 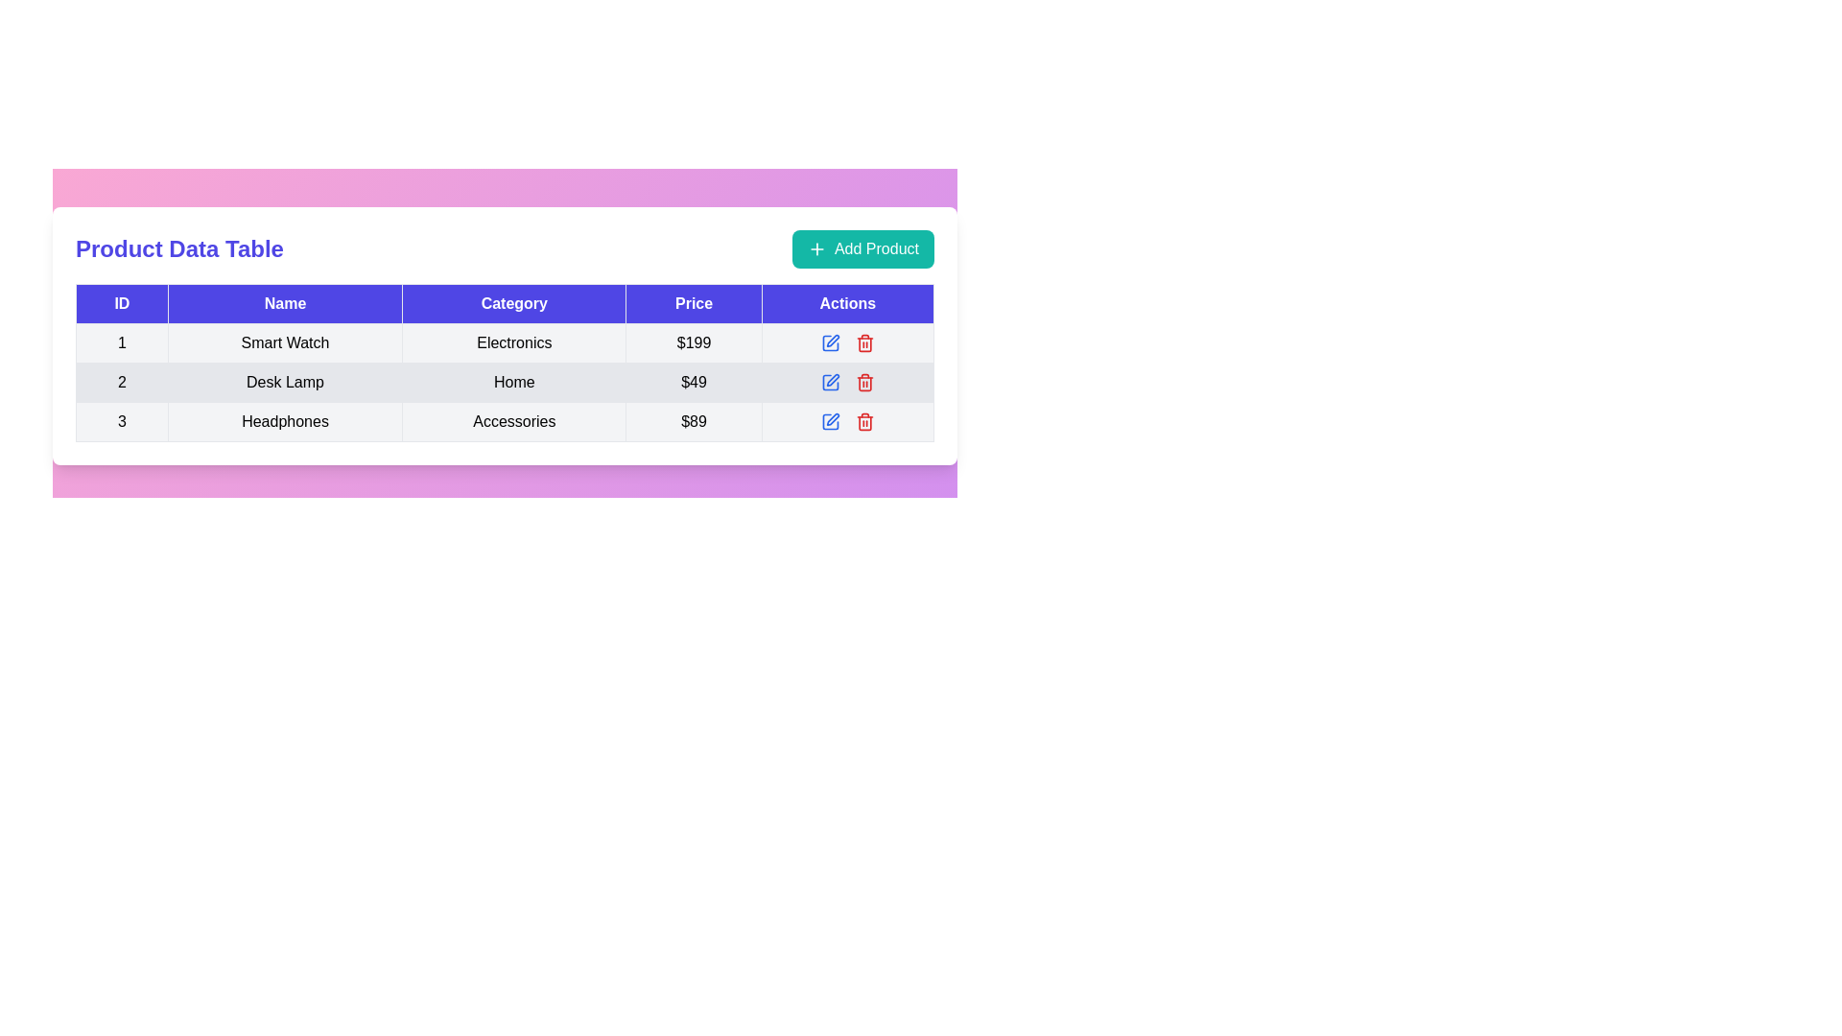 What do you see at coordinates (830, 342) in the screenshot?
I see `the edit action button located in the first icon of the 'Actions' column in the second row of the table` at bounding box center [830, 342].